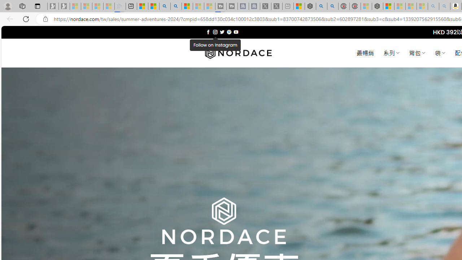  I want to click on 'Newsletter Sign Up - Sleeping', so click(64, 6).